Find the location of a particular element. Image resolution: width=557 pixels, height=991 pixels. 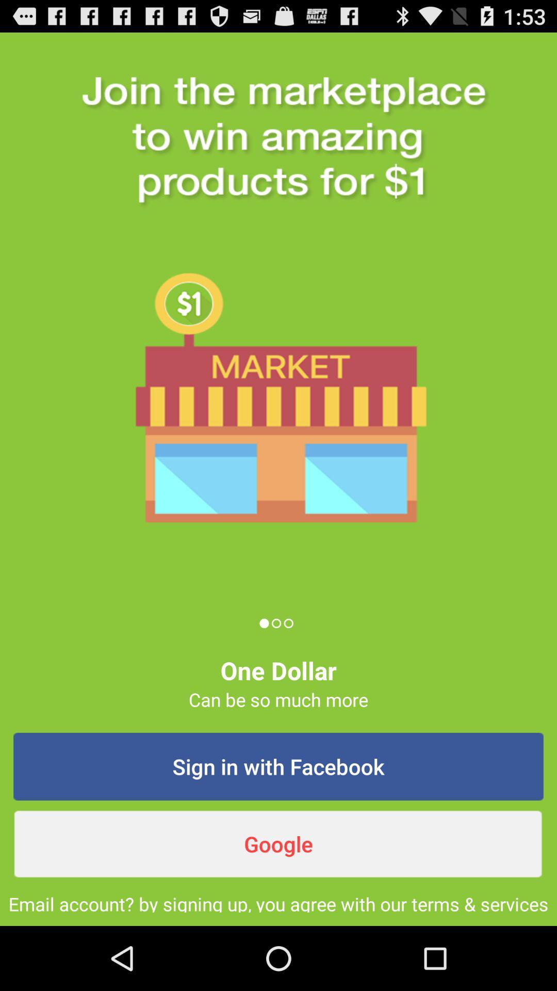

the item above google item is located at coordinates (278, 766).